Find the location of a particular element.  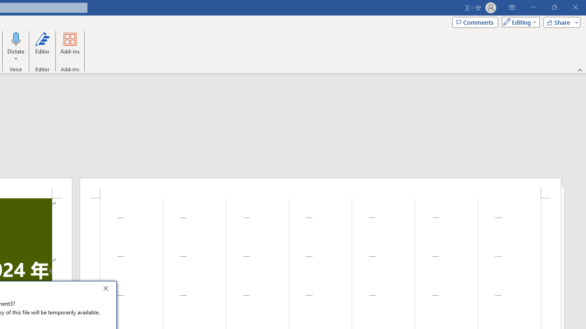

'Dictate' is located at coordinates (16, 47).